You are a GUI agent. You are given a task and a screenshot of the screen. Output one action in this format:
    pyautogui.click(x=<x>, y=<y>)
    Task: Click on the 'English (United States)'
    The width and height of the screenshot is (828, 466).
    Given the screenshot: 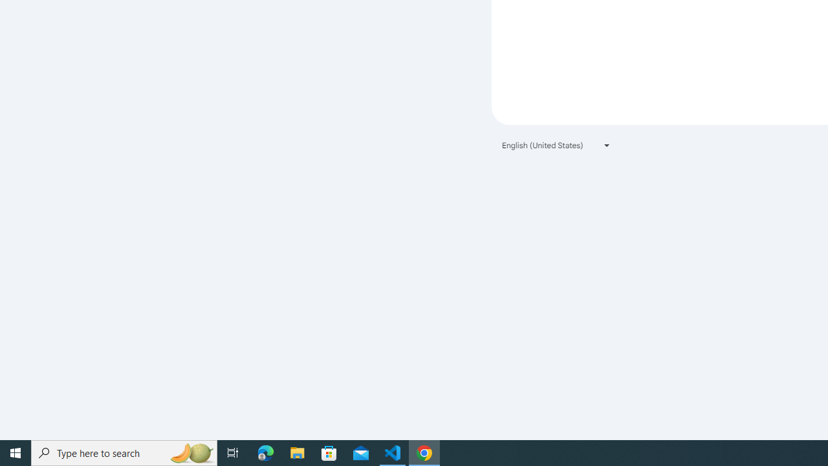 What is the action you would take?
    pyautogui.click(x=556, y=145)
    